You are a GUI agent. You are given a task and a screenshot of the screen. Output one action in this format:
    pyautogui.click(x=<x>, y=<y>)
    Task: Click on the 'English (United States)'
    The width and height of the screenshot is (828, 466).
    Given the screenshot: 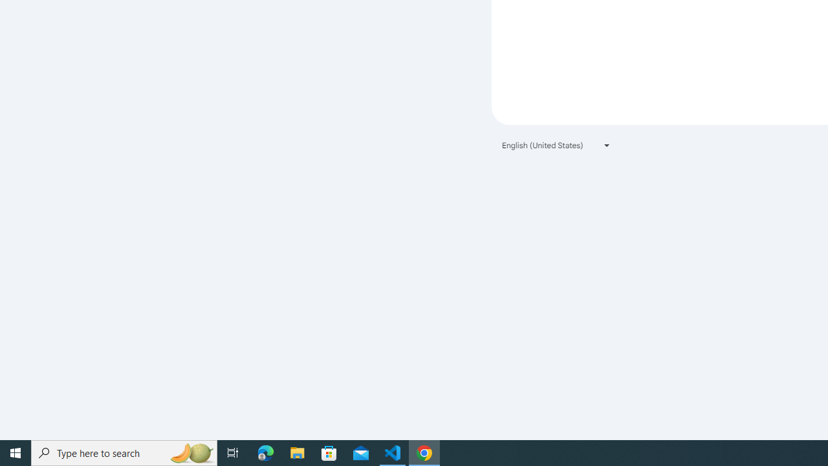 What is the action you would take?
    pyautogui.click(x=556, y=145)
    